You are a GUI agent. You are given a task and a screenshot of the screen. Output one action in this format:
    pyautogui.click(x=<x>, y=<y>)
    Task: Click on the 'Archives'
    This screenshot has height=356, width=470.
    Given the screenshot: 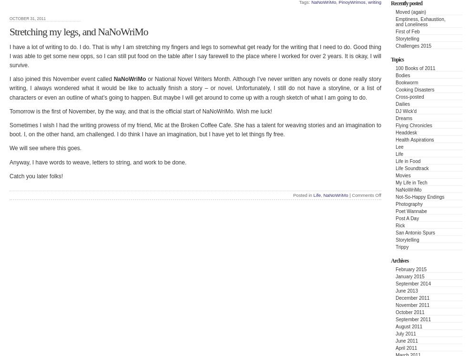 What is the action you would take?
    pyautogui.click(x=399, y=259)
    